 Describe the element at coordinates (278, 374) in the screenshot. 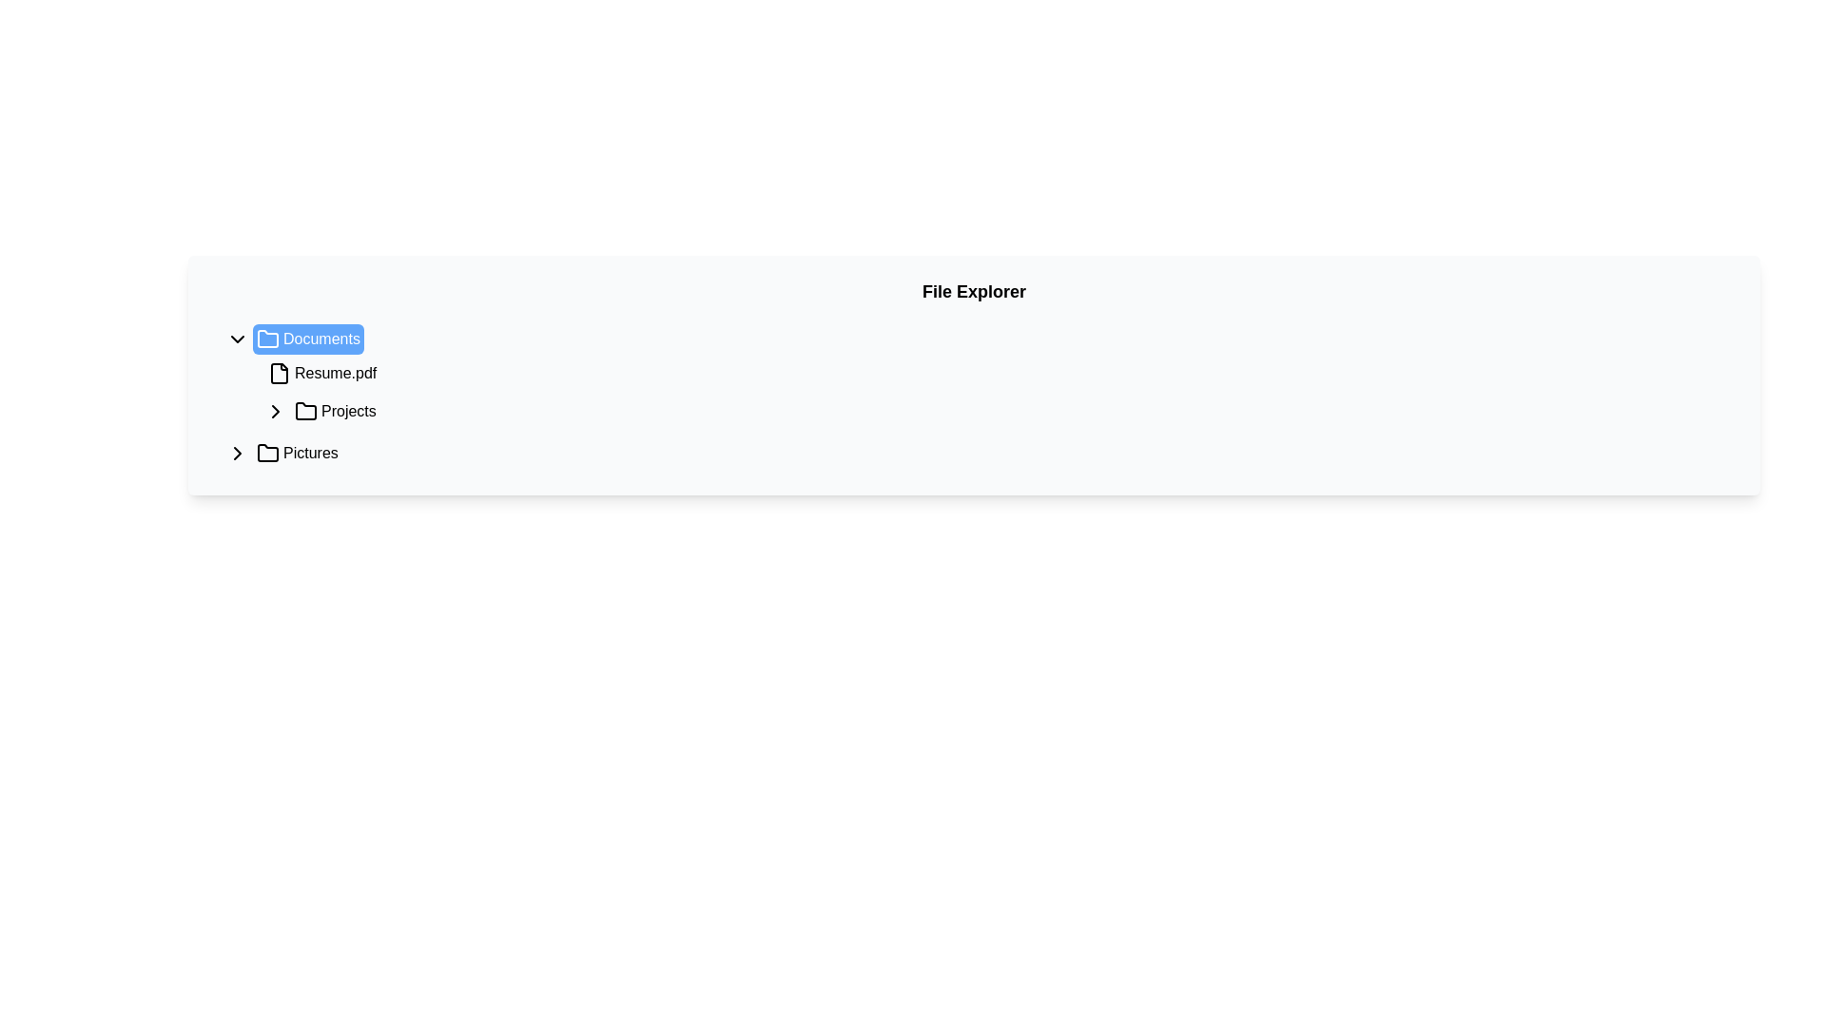

I see `the file icon representing 'Resume.pdf', which is a small black and white document icon with a folded corner` at that location.